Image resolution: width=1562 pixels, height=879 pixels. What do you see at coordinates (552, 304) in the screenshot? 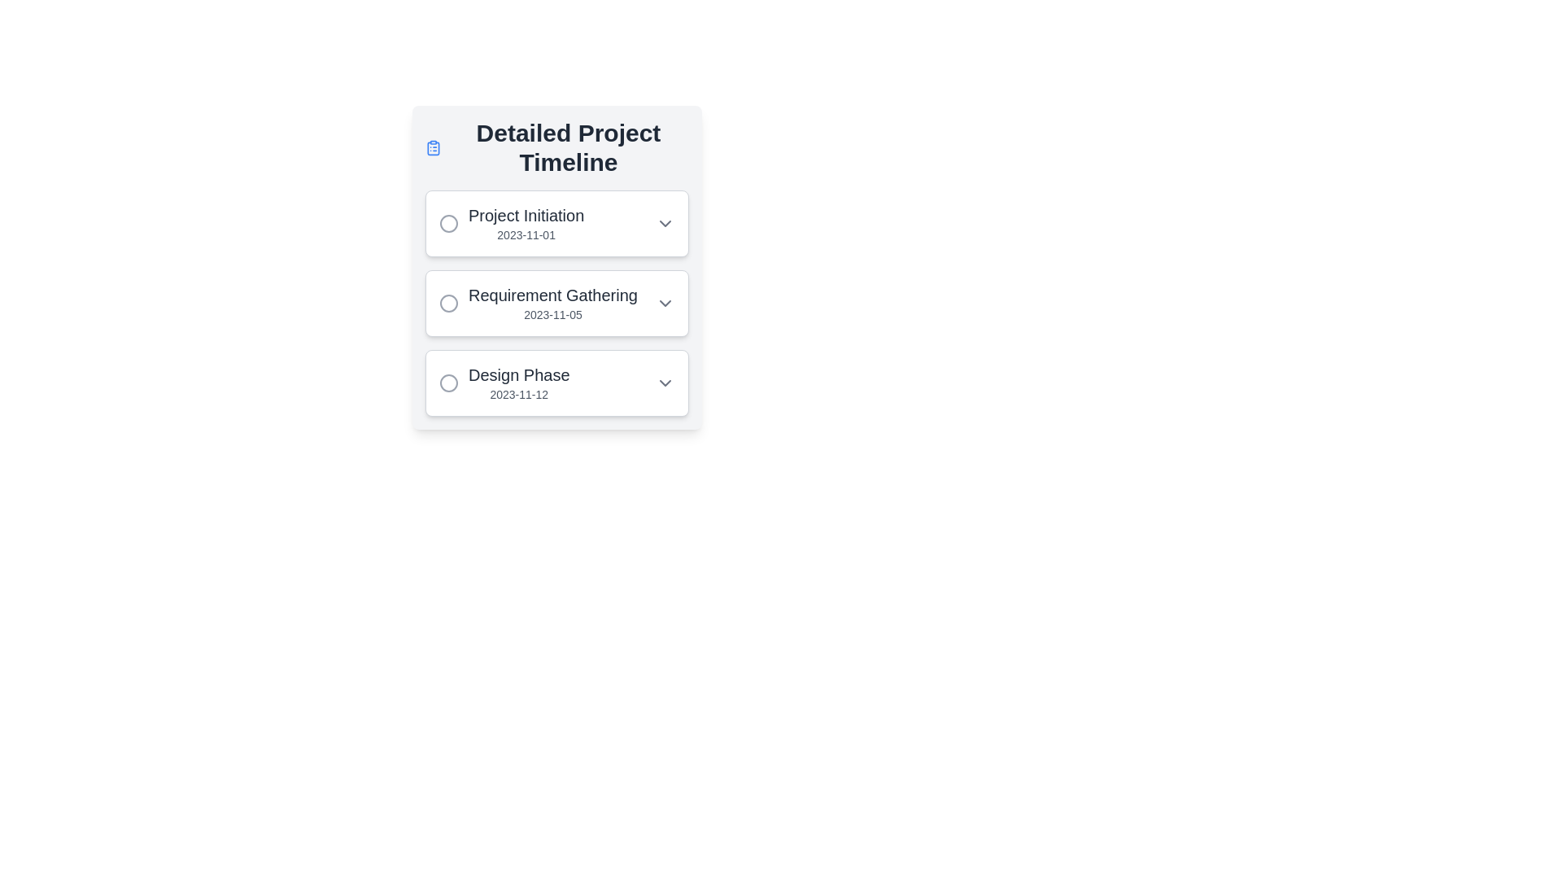
I see `the text element titled 'Requirement Gathering' with subtitle '2023-11-05'` at bounding box center [552, 304].